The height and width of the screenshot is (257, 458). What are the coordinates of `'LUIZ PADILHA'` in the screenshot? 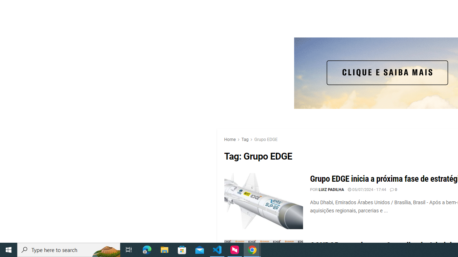 It's located at (331, 189).